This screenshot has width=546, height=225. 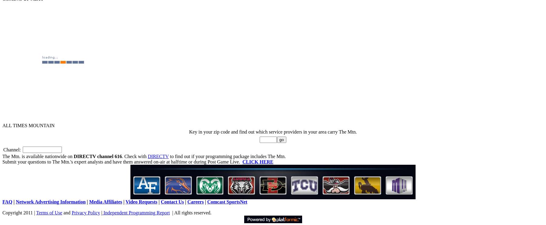 What do you see at coordinates (67, 213) in the screenshot?
I see `'and'` at bounding box center [67, 213].